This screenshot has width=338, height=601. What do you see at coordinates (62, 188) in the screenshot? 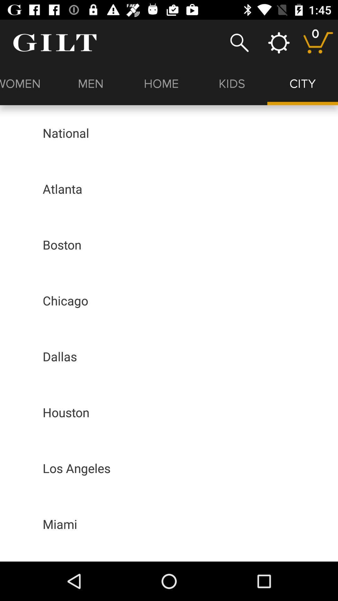
I see `app below the national` at bounding box center [62, 188].